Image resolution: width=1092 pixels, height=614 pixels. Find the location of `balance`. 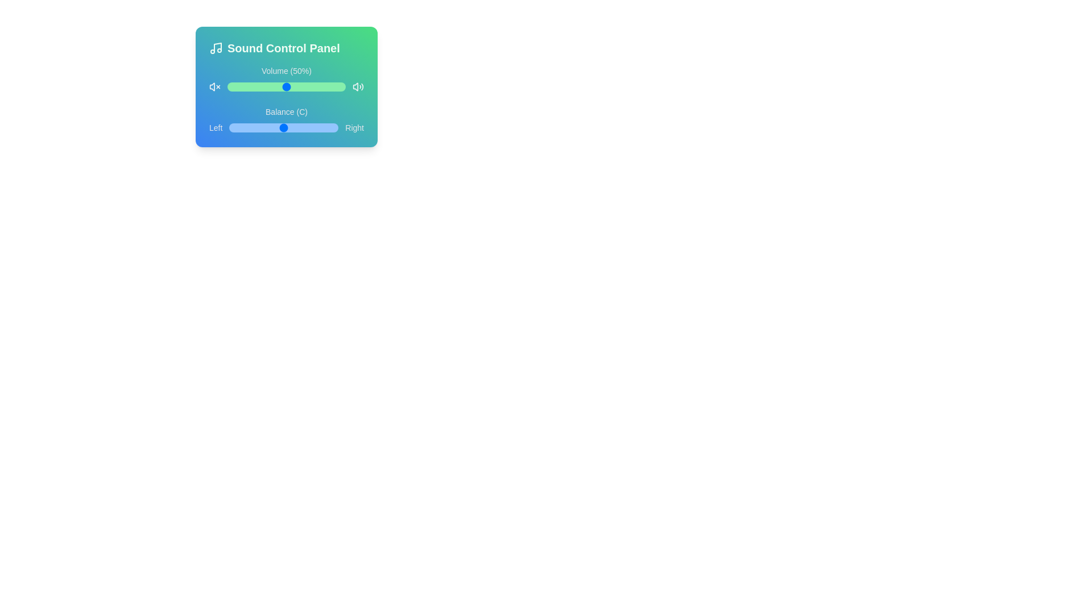

balance is located at coordinates (258, 127).